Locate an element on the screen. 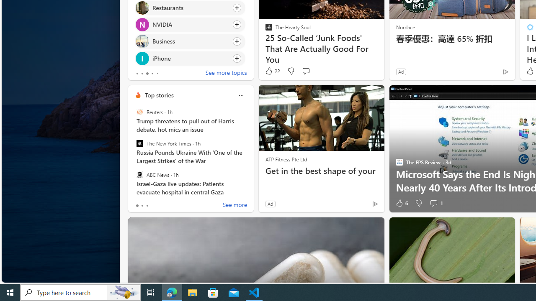 This screenshot has height=301, width=536. 'Click to follow topic Business' is located at coordinates (189, 41).